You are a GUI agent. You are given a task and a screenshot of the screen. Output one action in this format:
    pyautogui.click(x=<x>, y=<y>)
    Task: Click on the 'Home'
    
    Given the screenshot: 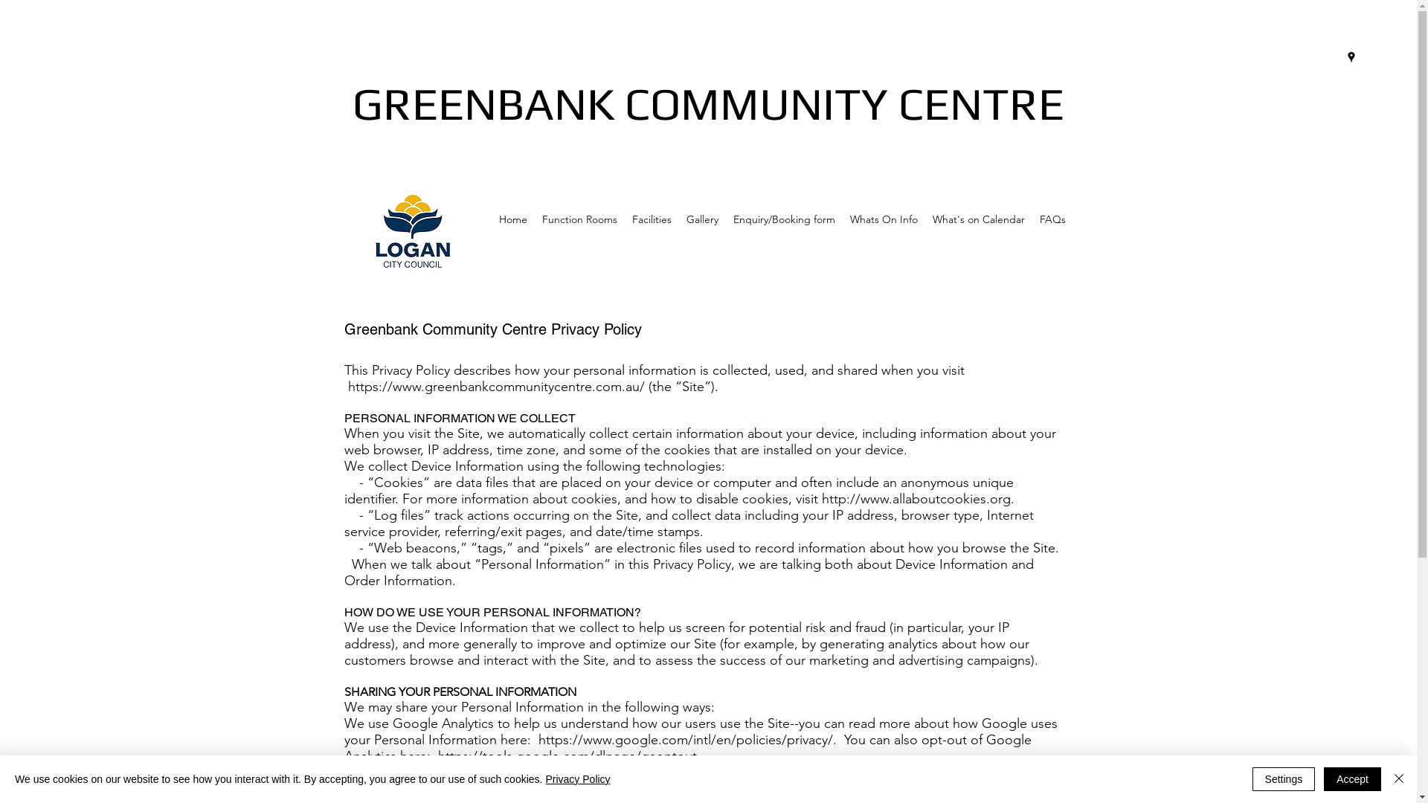 What is the action you would take?
    pyautogui.click(x=491, y=219)
    